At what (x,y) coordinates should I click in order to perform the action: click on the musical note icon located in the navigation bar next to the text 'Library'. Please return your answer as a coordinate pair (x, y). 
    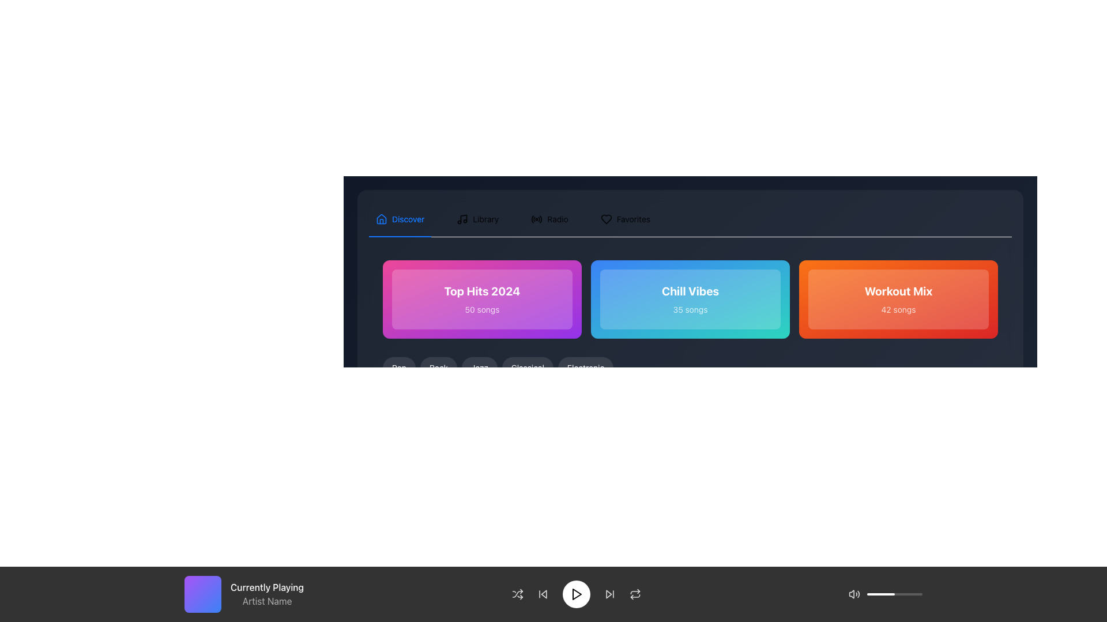
    Looking at the image, I should click on (462, 219).